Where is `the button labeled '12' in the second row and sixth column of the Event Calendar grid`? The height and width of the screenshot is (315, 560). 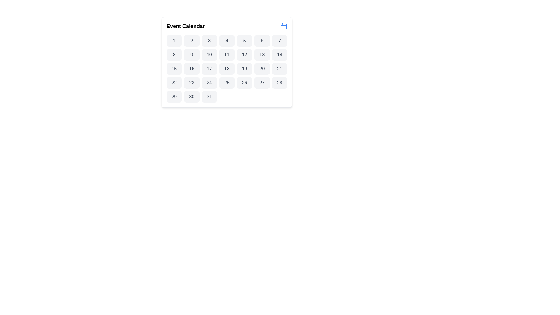
the button labeled '12' in the second row and sixth column of the Event Calendar grid is located at coordinates (244, 55).